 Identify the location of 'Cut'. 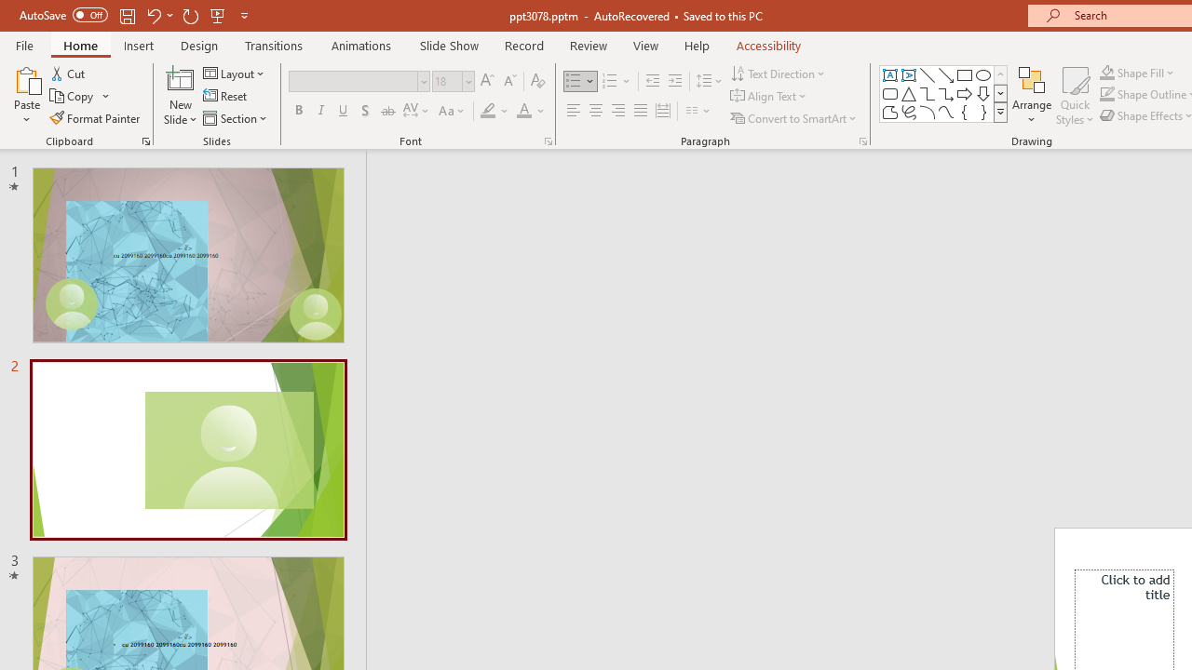
(69, 73).